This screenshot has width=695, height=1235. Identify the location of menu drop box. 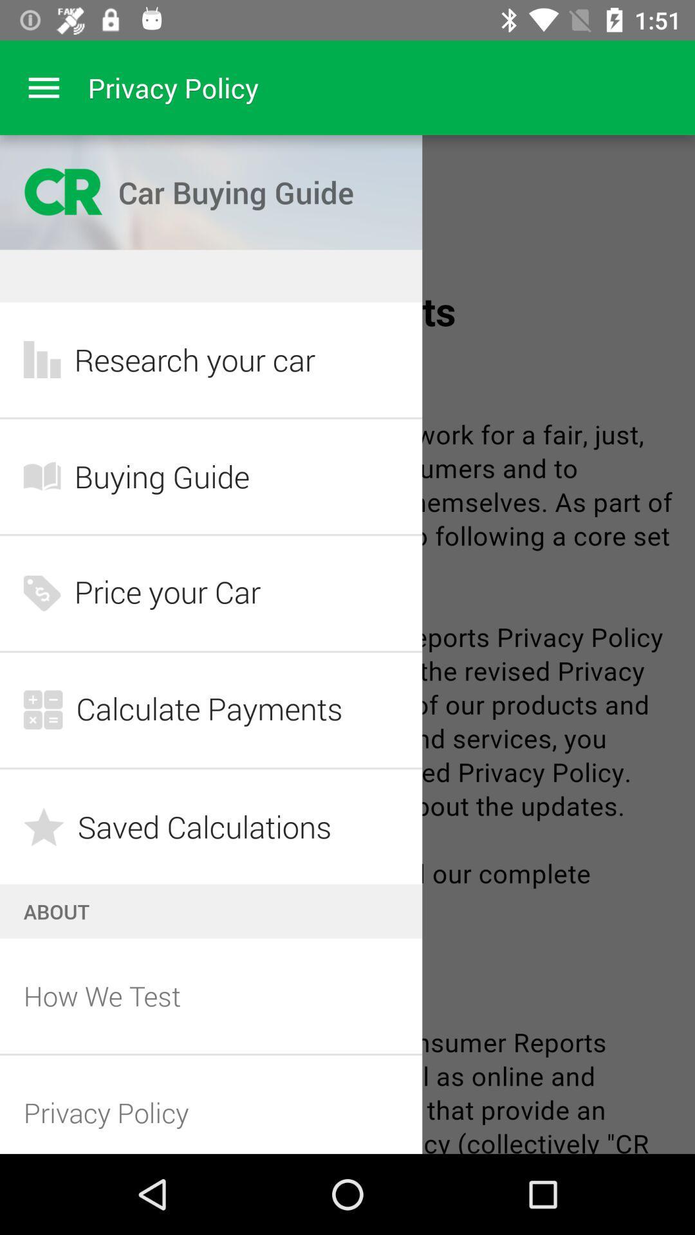
(43, 87).